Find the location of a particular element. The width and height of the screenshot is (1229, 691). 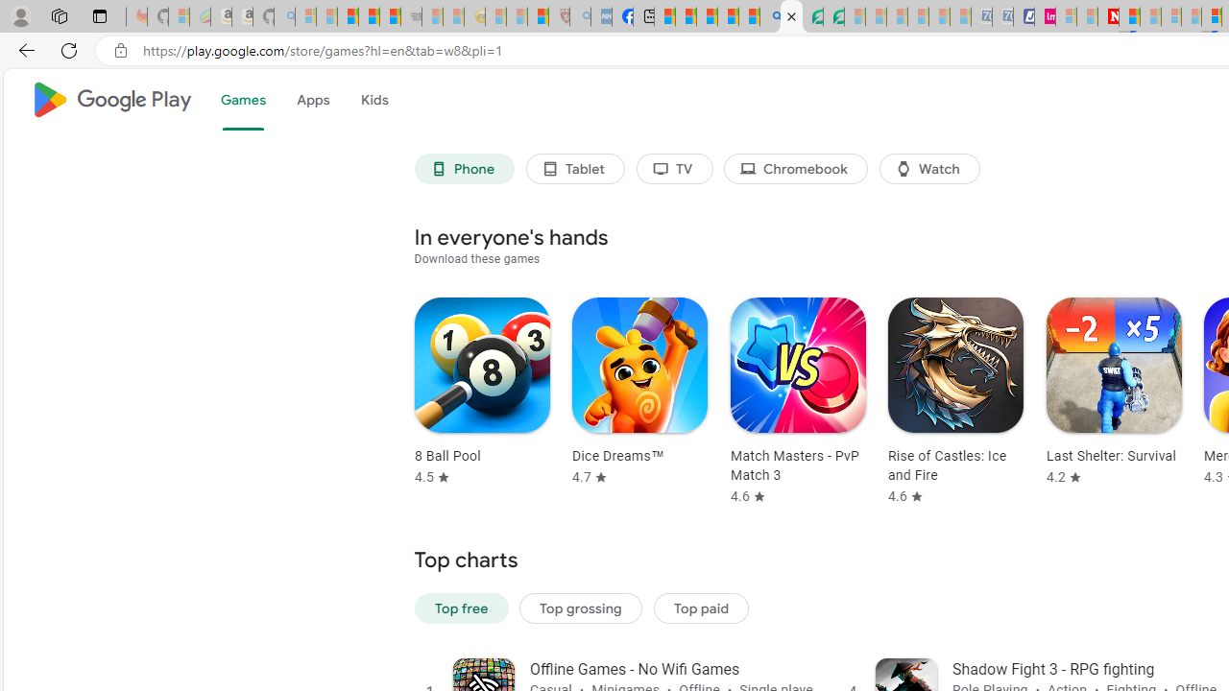

'Cheap Car Rentals - Save70.com - Sleeping' is located at coordinates (981, 16).